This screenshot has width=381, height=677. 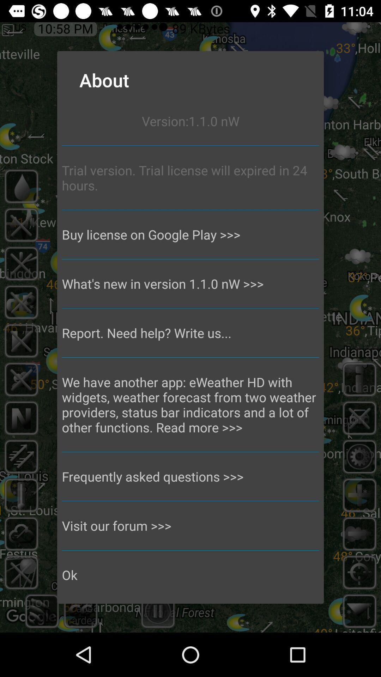 What do you see at coordinates (190, 526) in the screenshot?
I see `the visit our forum >>> icon` at bounding box center [190, 526].